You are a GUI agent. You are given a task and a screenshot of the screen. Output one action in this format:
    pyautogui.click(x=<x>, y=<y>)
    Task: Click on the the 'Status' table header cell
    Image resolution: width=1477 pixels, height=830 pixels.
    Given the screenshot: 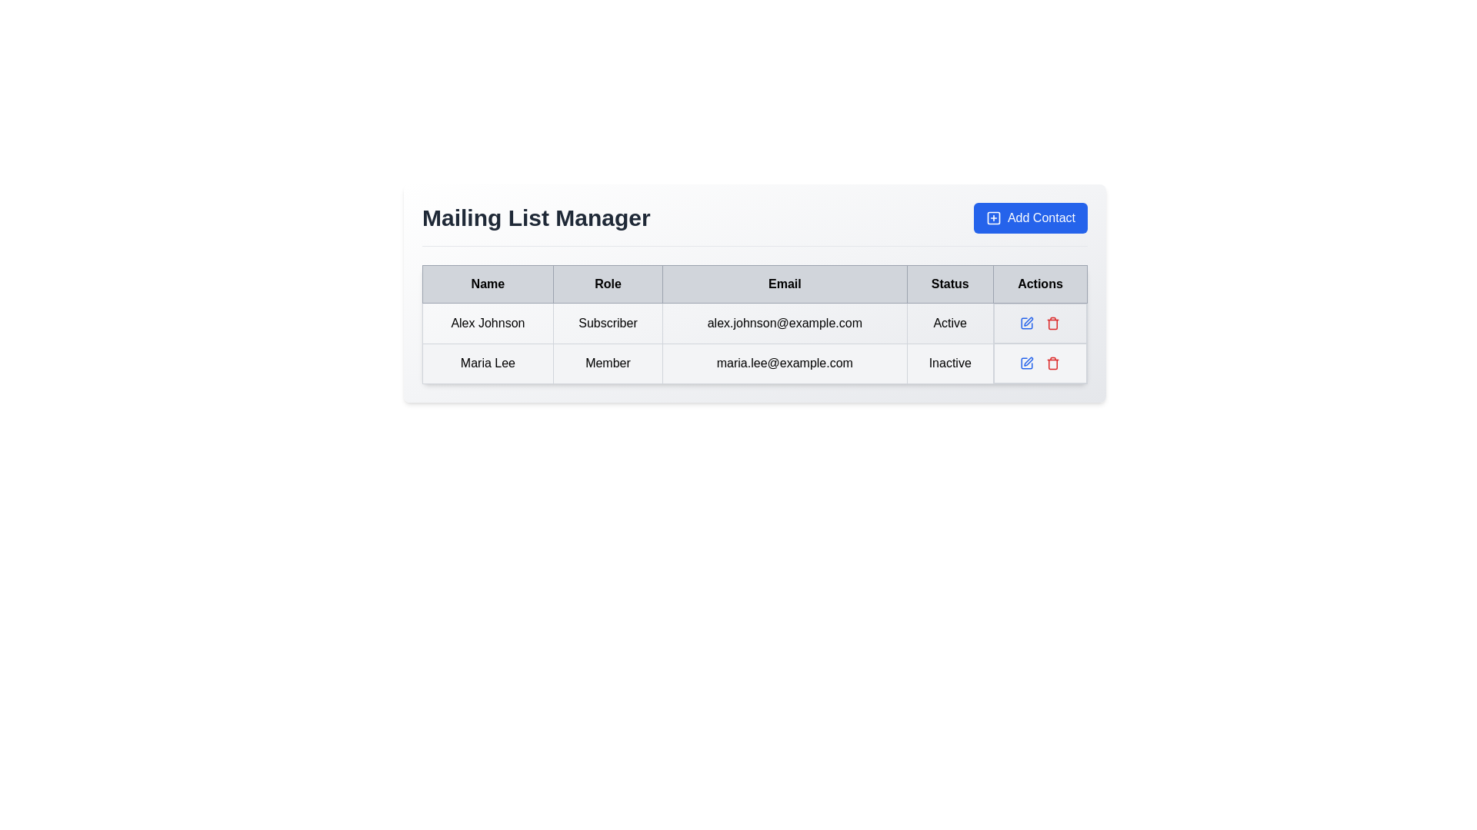 What is the action you would take?
    pyautogui.click(x=949, y=284)
    